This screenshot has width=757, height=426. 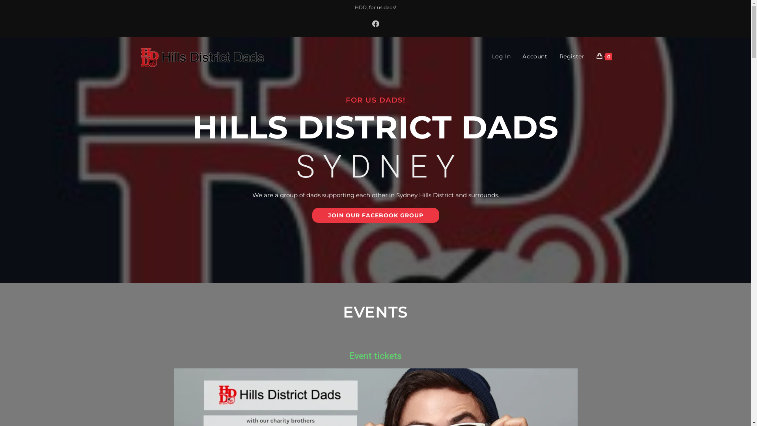 What do you see at coordinates (572, 56) in the screenshot?
I see `'Register'` at bounding box center [572, 56].